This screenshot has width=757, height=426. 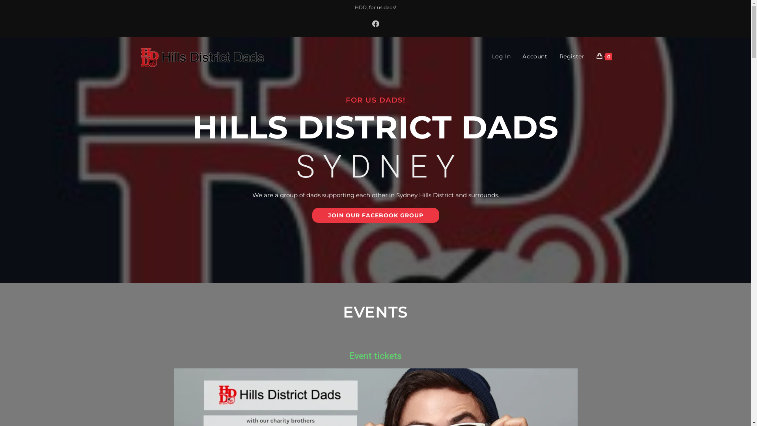 What do you see at coordinates (572, 56) in the screenshot?
I see `'Register'` at bounding box center [572, 56].